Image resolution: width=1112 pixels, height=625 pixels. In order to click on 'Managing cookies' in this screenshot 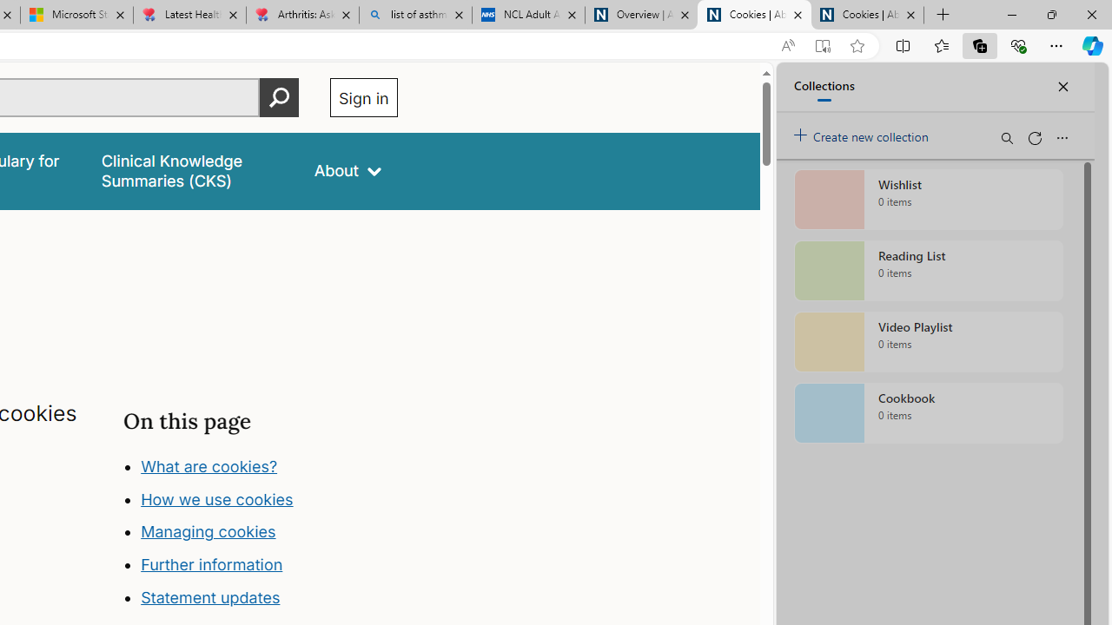, I will do `click(208, 531)`.